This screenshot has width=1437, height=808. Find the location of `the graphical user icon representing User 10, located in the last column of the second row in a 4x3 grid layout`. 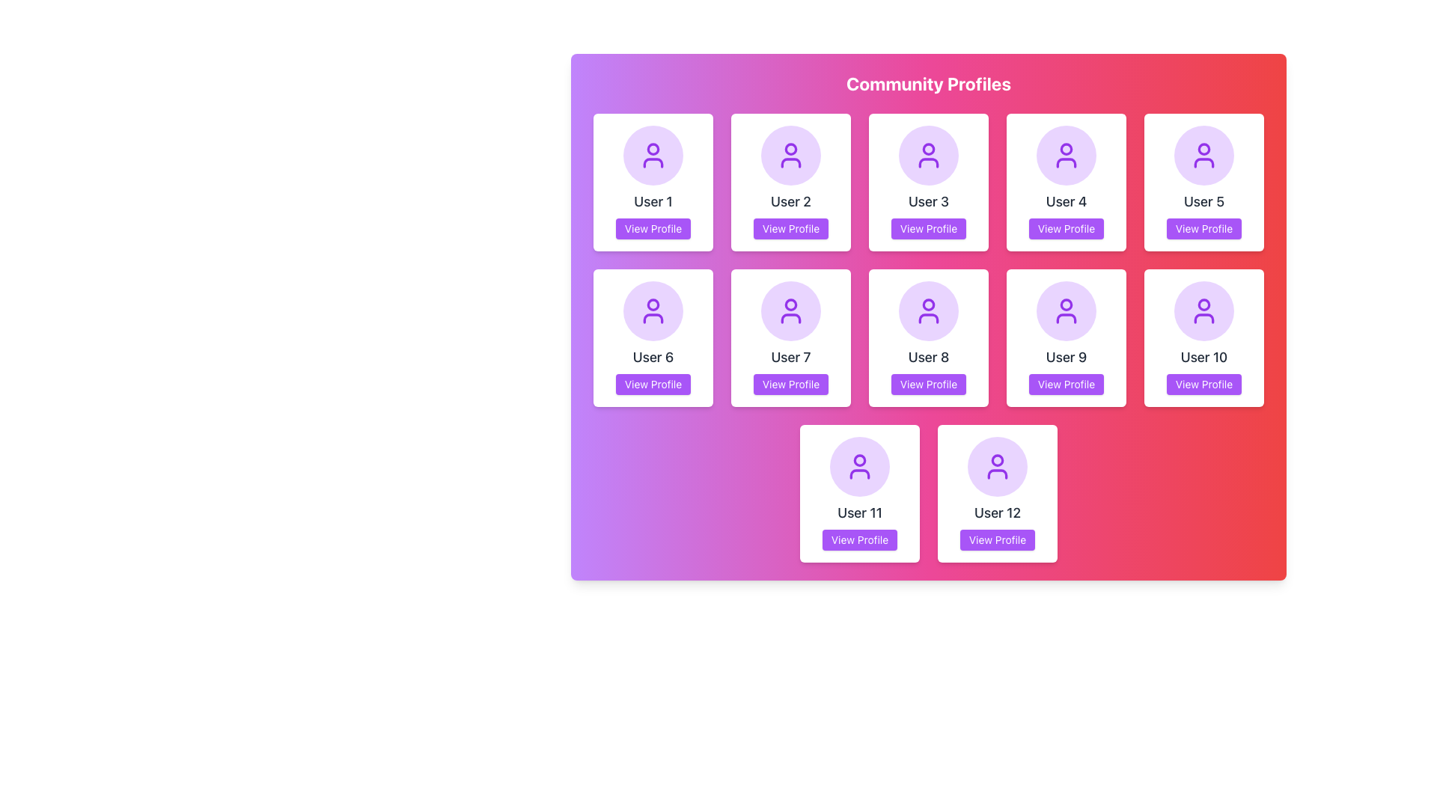

the graphical user icon representing User 10, located in the last column of the second row in a 4x3 grid layout is located at coordinates (1203, 310).